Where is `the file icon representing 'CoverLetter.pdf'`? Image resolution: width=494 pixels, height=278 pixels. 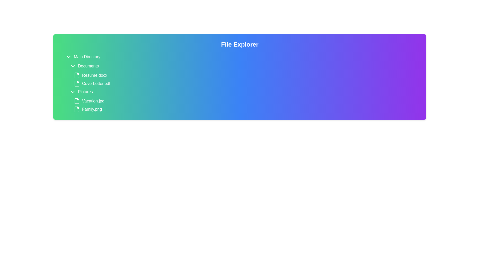 the file icon representing 'CoverLetter.pdf' is located at coordinates (76, 83).